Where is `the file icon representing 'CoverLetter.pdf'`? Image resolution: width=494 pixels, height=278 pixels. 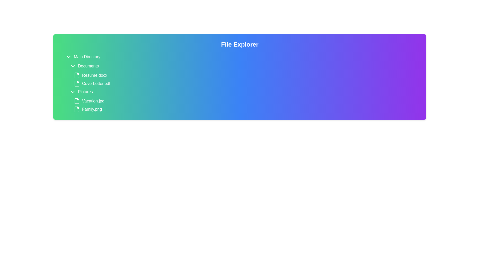 the file icon representing 'CoverLetter.pdf' is located at coordinates (76, 83).